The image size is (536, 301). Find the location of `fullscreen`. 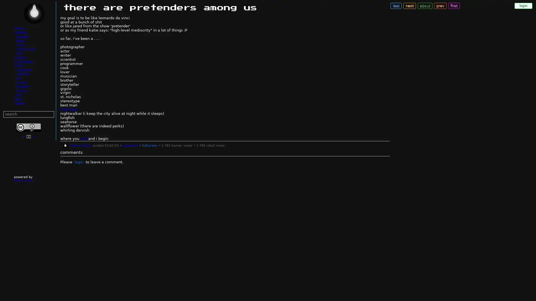

fullscreen is located at coordinates (149, 145).